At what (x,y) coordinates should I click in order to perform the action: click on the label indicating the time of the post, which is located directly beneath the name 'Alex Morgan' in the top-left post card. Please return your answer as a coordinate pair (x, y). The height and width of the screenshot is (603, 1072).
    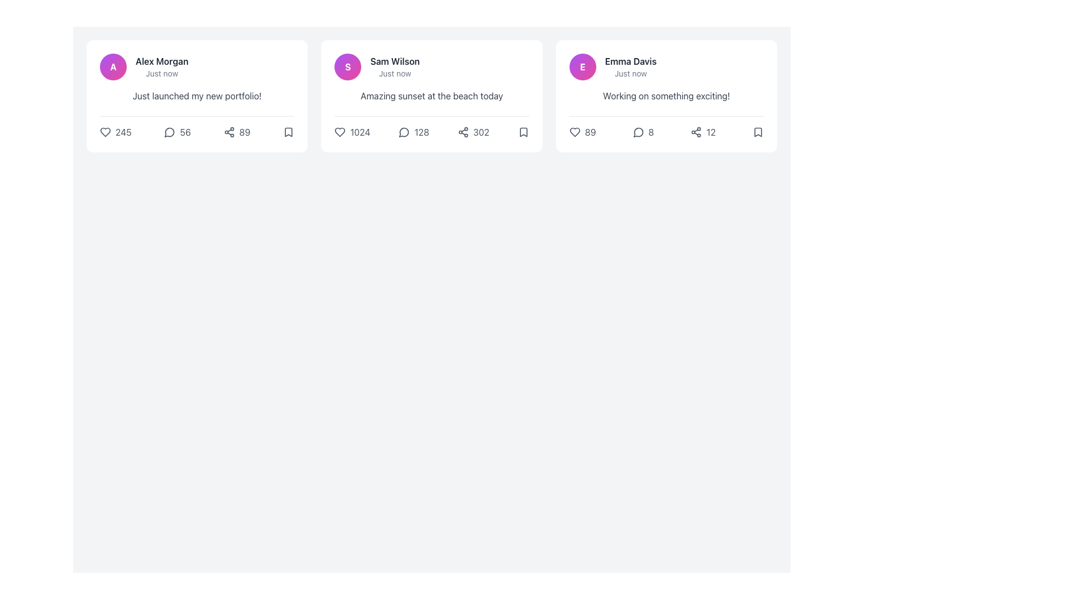
    Looking at the image, I should click on (161, 73).